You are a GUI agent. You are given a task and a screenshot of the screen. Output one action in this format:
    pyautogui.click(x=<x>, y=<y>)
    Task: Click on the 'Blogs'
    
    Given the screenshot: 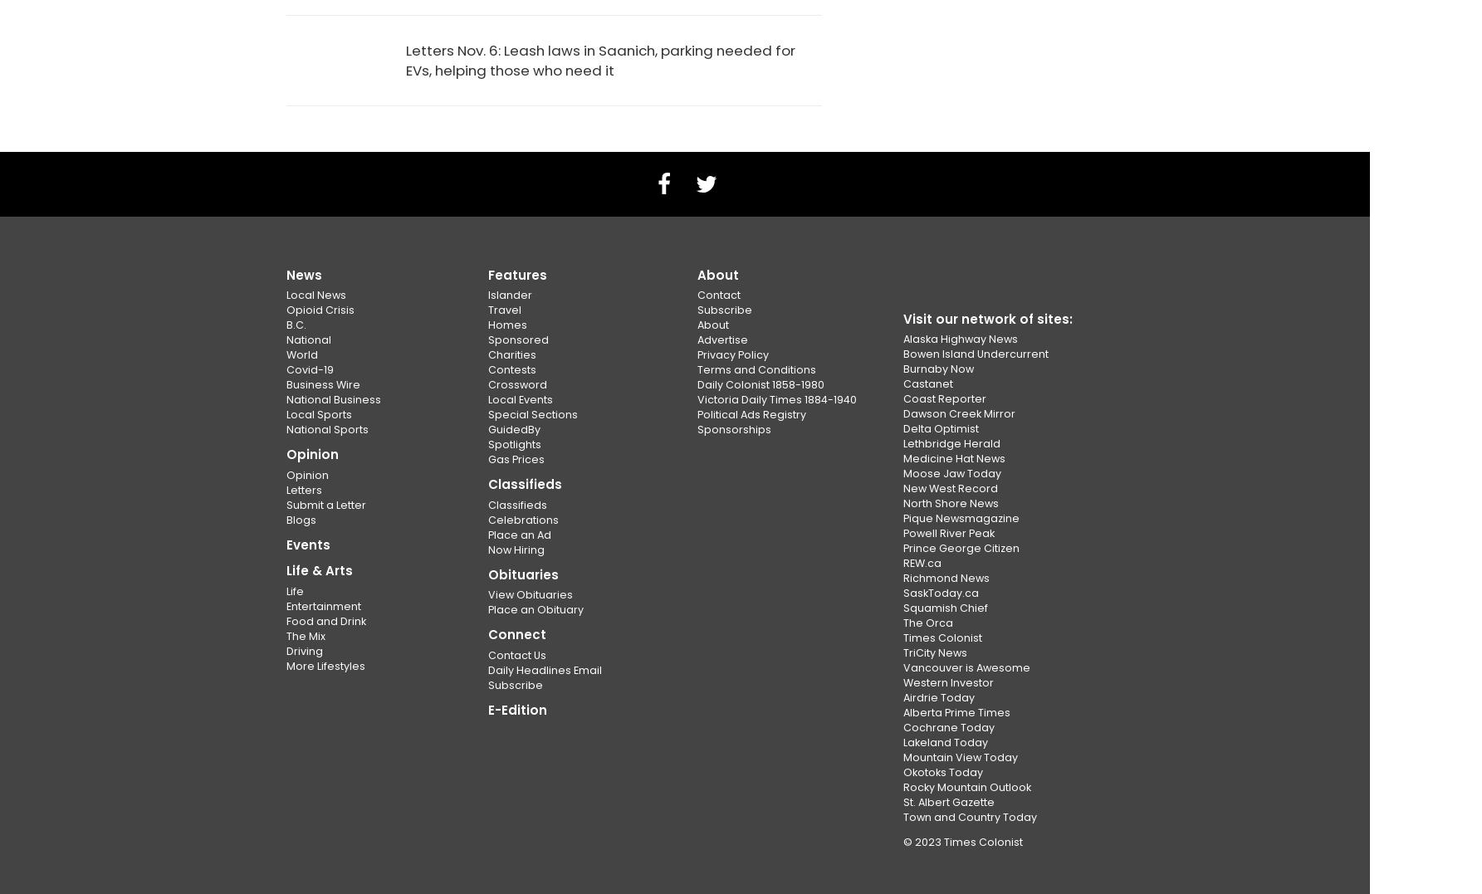 What is the action you would take?
    pyautogui.click(x=301, y=519)
    